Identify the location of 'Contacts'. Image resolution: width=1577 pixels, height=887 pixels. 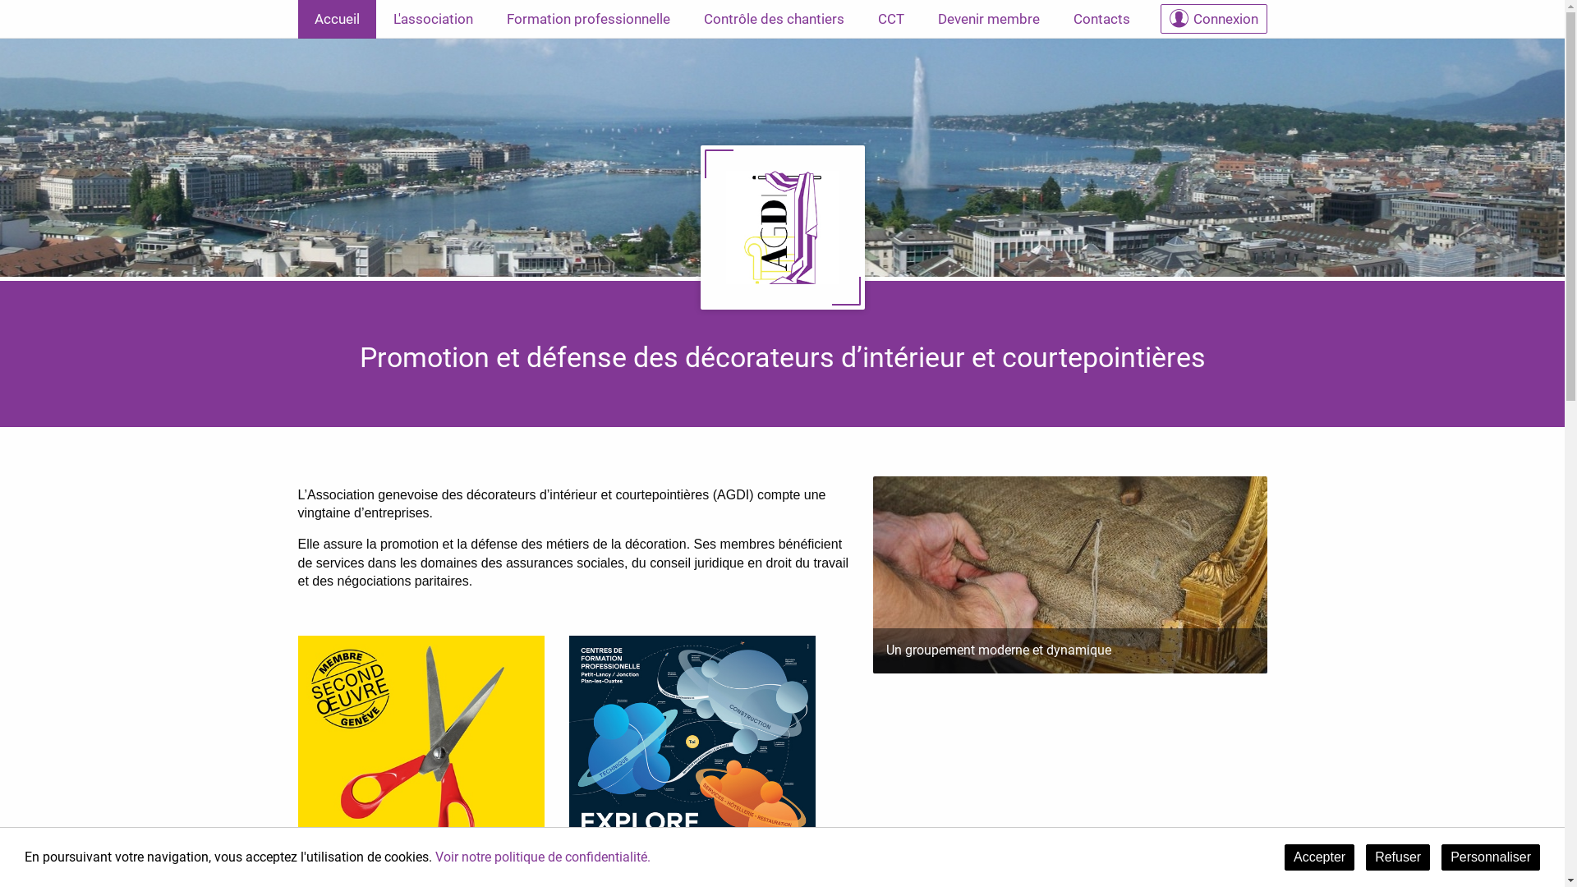
(1101, 19).